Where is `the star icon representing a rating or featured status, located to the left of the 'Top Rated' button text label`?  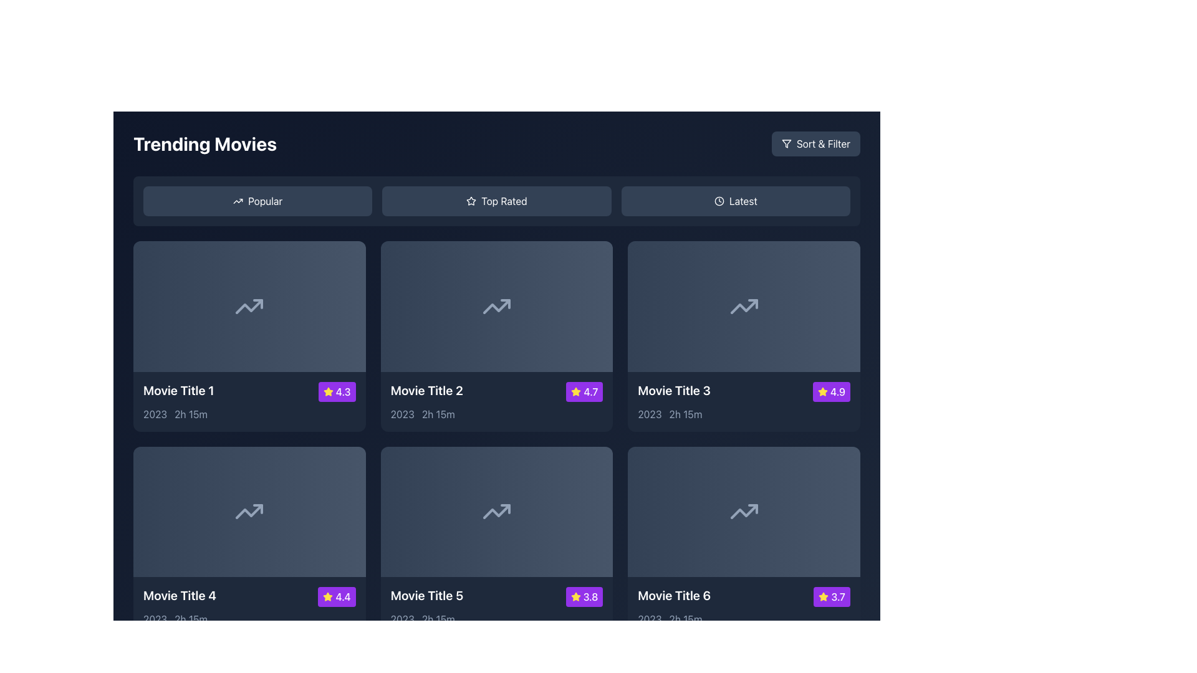
the star icon representing a rating or featured status, located to the left of the 'Top Rated' button text label is located at coordinates (471, 201).